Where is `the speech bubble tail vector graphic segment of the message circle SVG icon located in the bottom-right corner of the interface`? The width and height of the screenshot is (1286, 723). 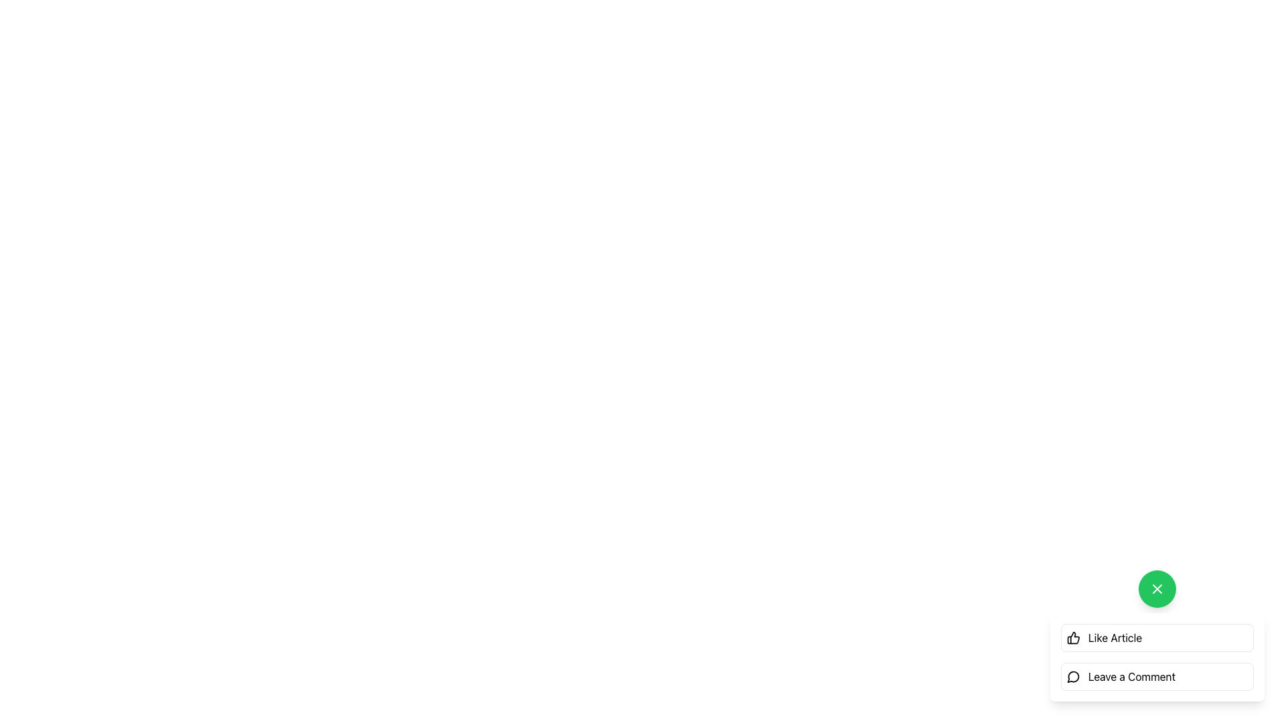
the speech bubble tail vector graphic segment of the message circle SVG icon located in the bottom-right corner of the interface is located at coordinates (1073, 677).